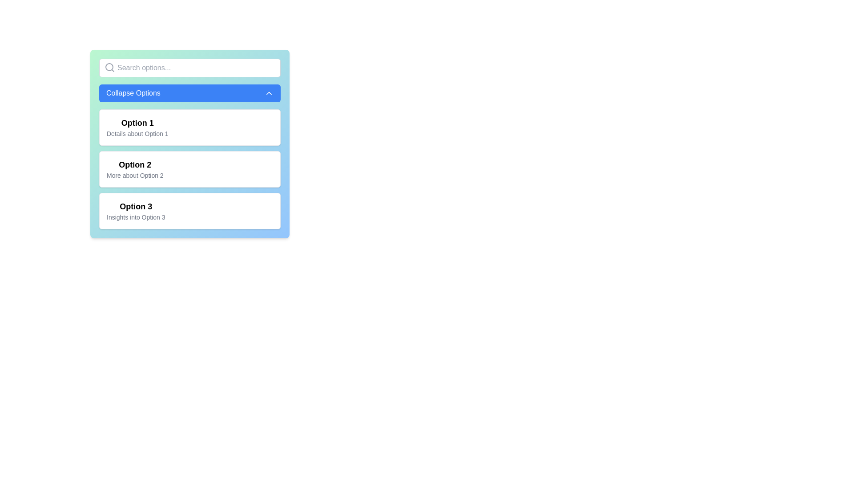  Describe the element at coordinates (137, 127) in the screenshot. I see `the first list item titled 'Option 1' which contains details about Option 1, located directly below the blue button labeled 'Collapse Options'` at that location.